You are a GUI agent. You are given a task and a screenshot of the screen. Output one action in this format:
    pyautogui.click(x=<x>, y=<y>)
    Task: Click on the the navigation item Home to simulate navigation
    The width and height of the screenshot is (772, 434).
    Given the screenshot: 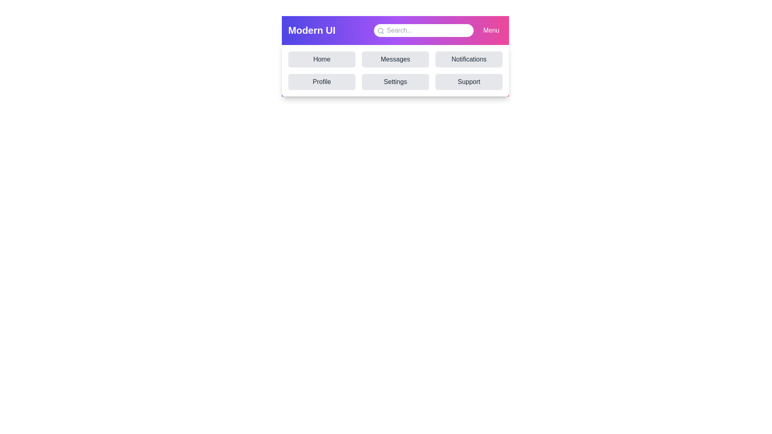 What is the action you would take?
    pyautogui.click(x=322, y=59)
    